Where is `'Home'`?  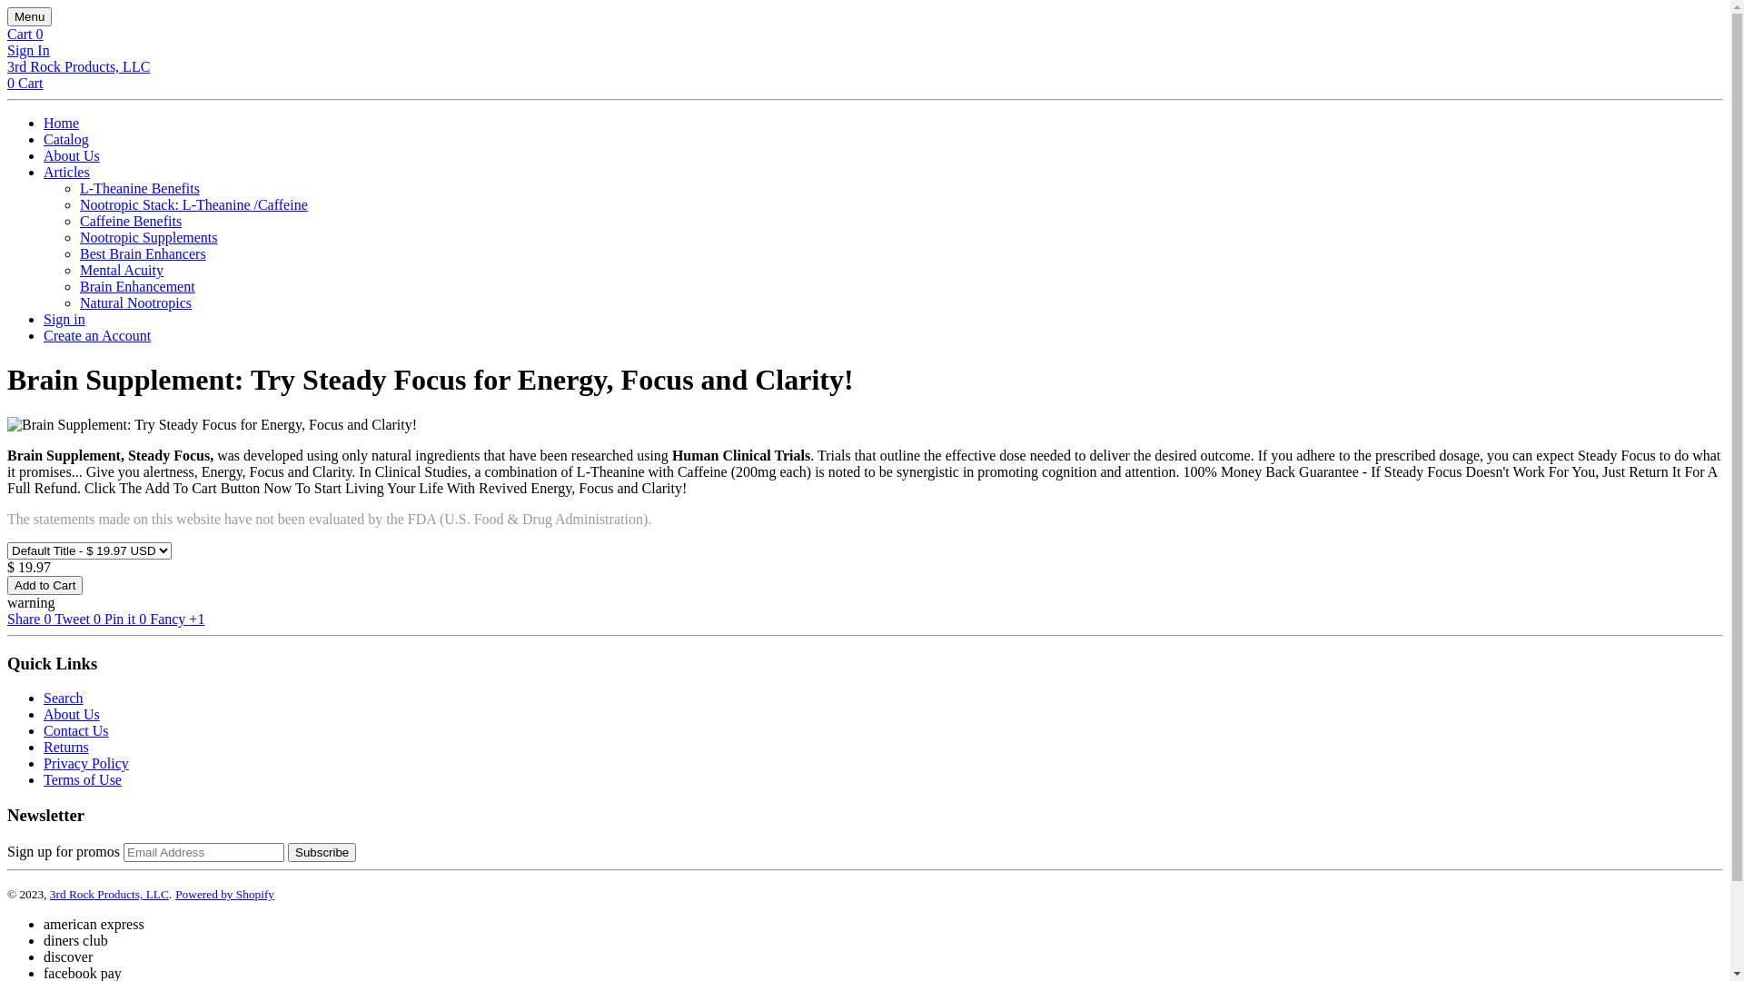 'Home' is located at coordinates (61, 123).